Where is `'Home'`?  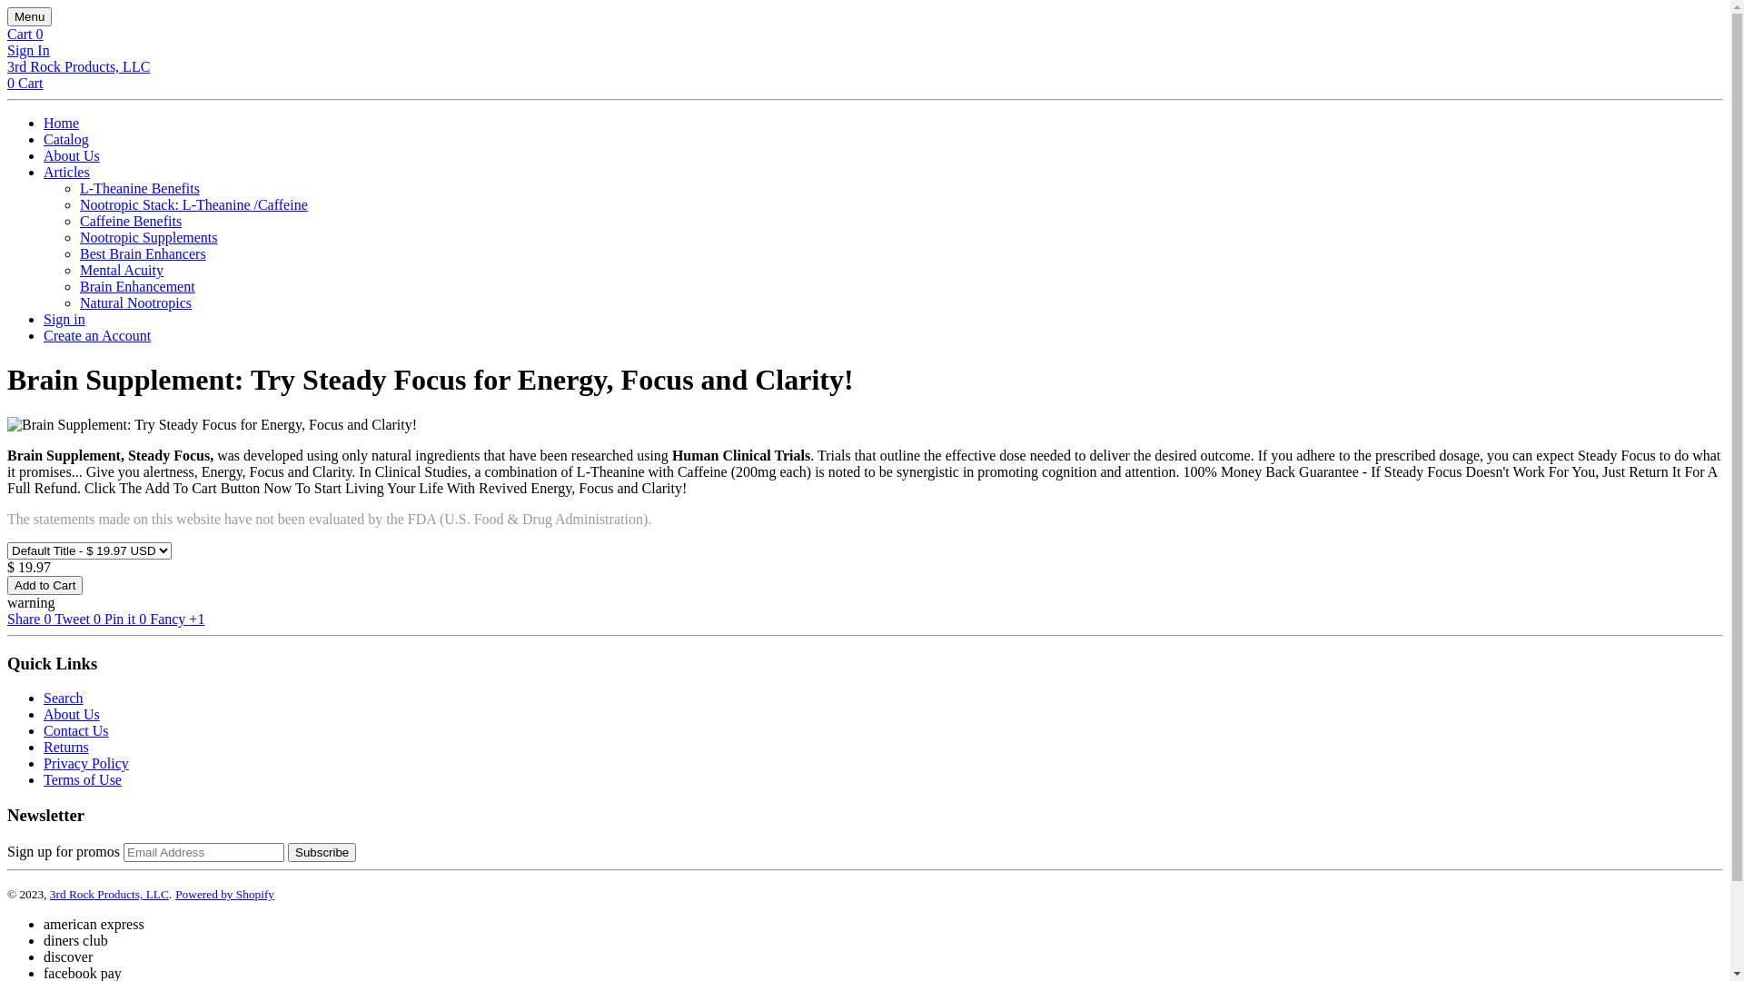 'Home' is located at coordinates (61, 123).